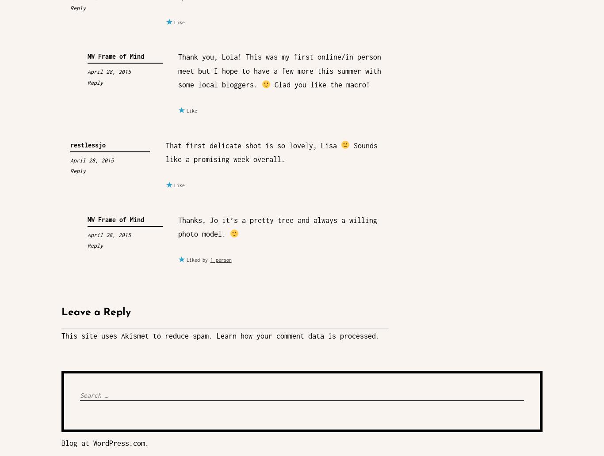 Image resolution: width=604 pixels, height=456 pixels. What do you see at coordinates (198, 260) in the screenshot?
I see `'Liked by'` at bounding box center [198, 260].